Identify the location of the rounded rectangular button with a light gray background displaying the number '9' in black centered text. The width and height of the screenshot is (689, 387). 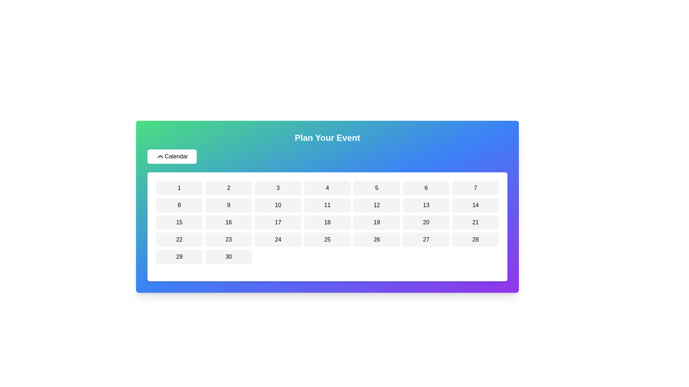
(228, 205).